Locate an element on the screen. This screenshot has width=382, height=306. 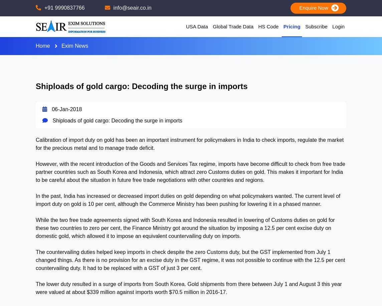
'However, with the recent introduction of the Goods and Services Tax regime, imports have become difficult to check from free trade partner countries such as South Korea and Indonesia, which attract zero Customs duties on gold. This makes it important for India to be careful about the situation in future free trade negotiations with other countries and regions.' is located at coordinates (190, 171).